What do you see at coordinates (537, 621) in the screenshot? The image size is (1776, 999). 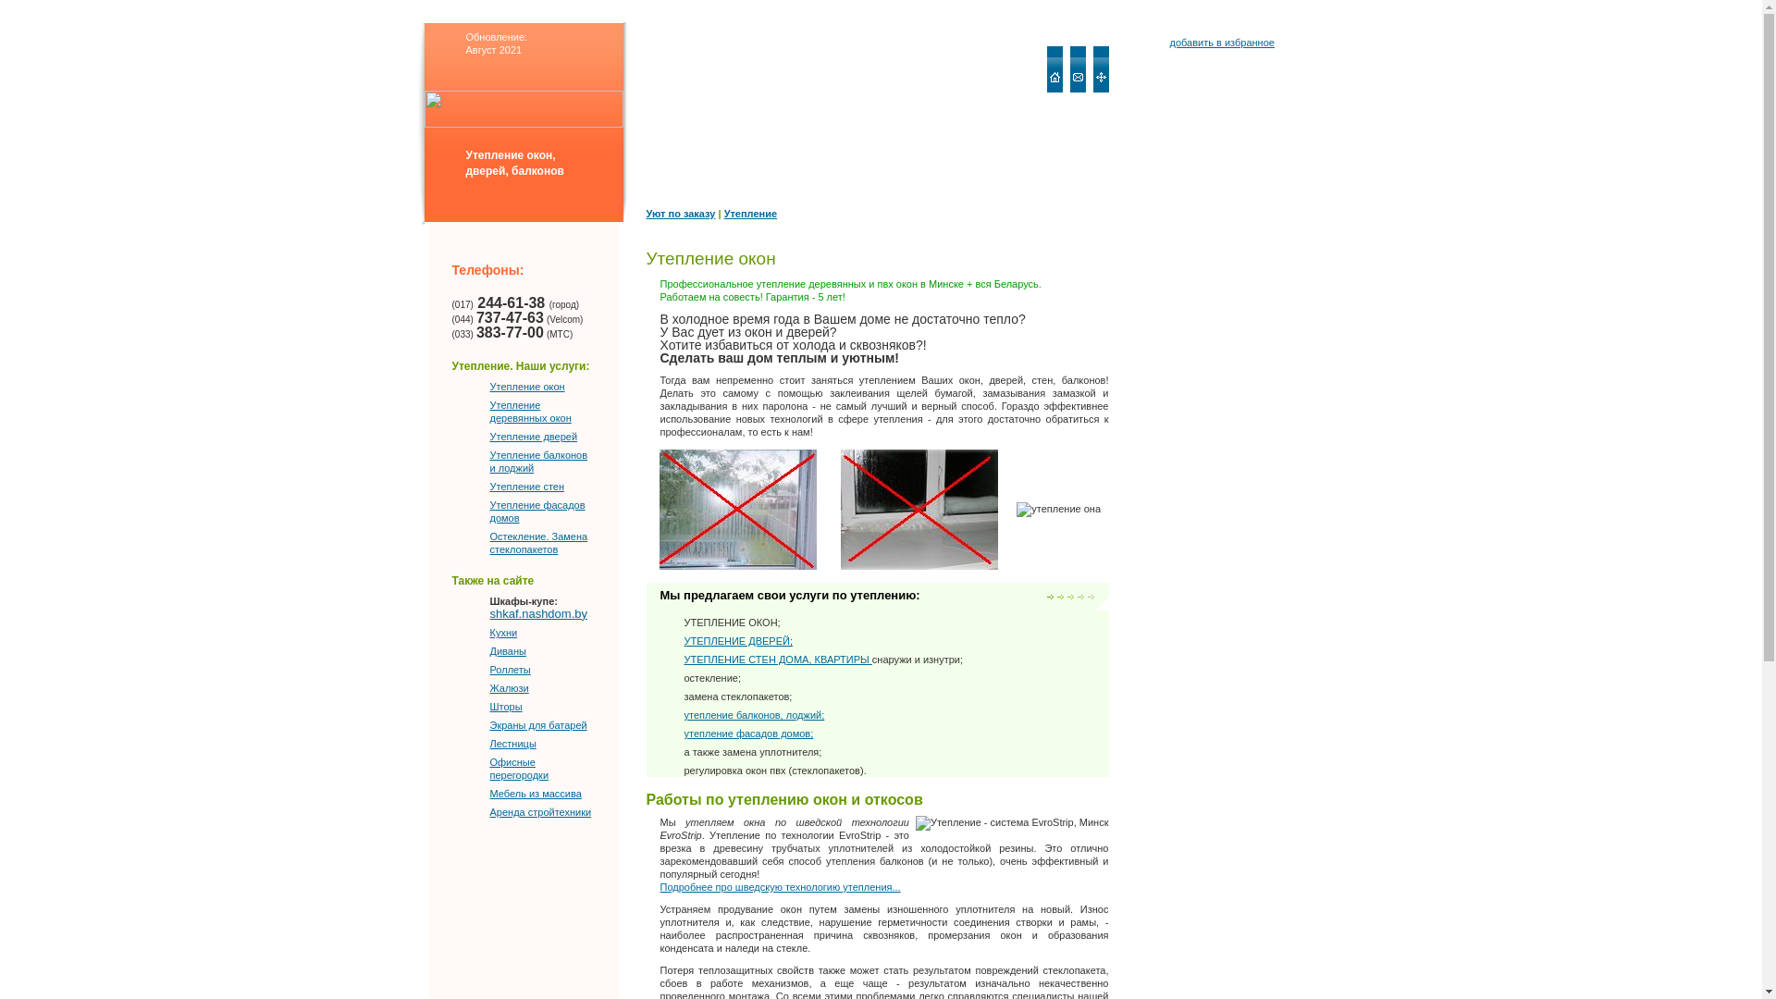 I see `'shkaf.nashdom.by'` at bounding box center [537, 621].